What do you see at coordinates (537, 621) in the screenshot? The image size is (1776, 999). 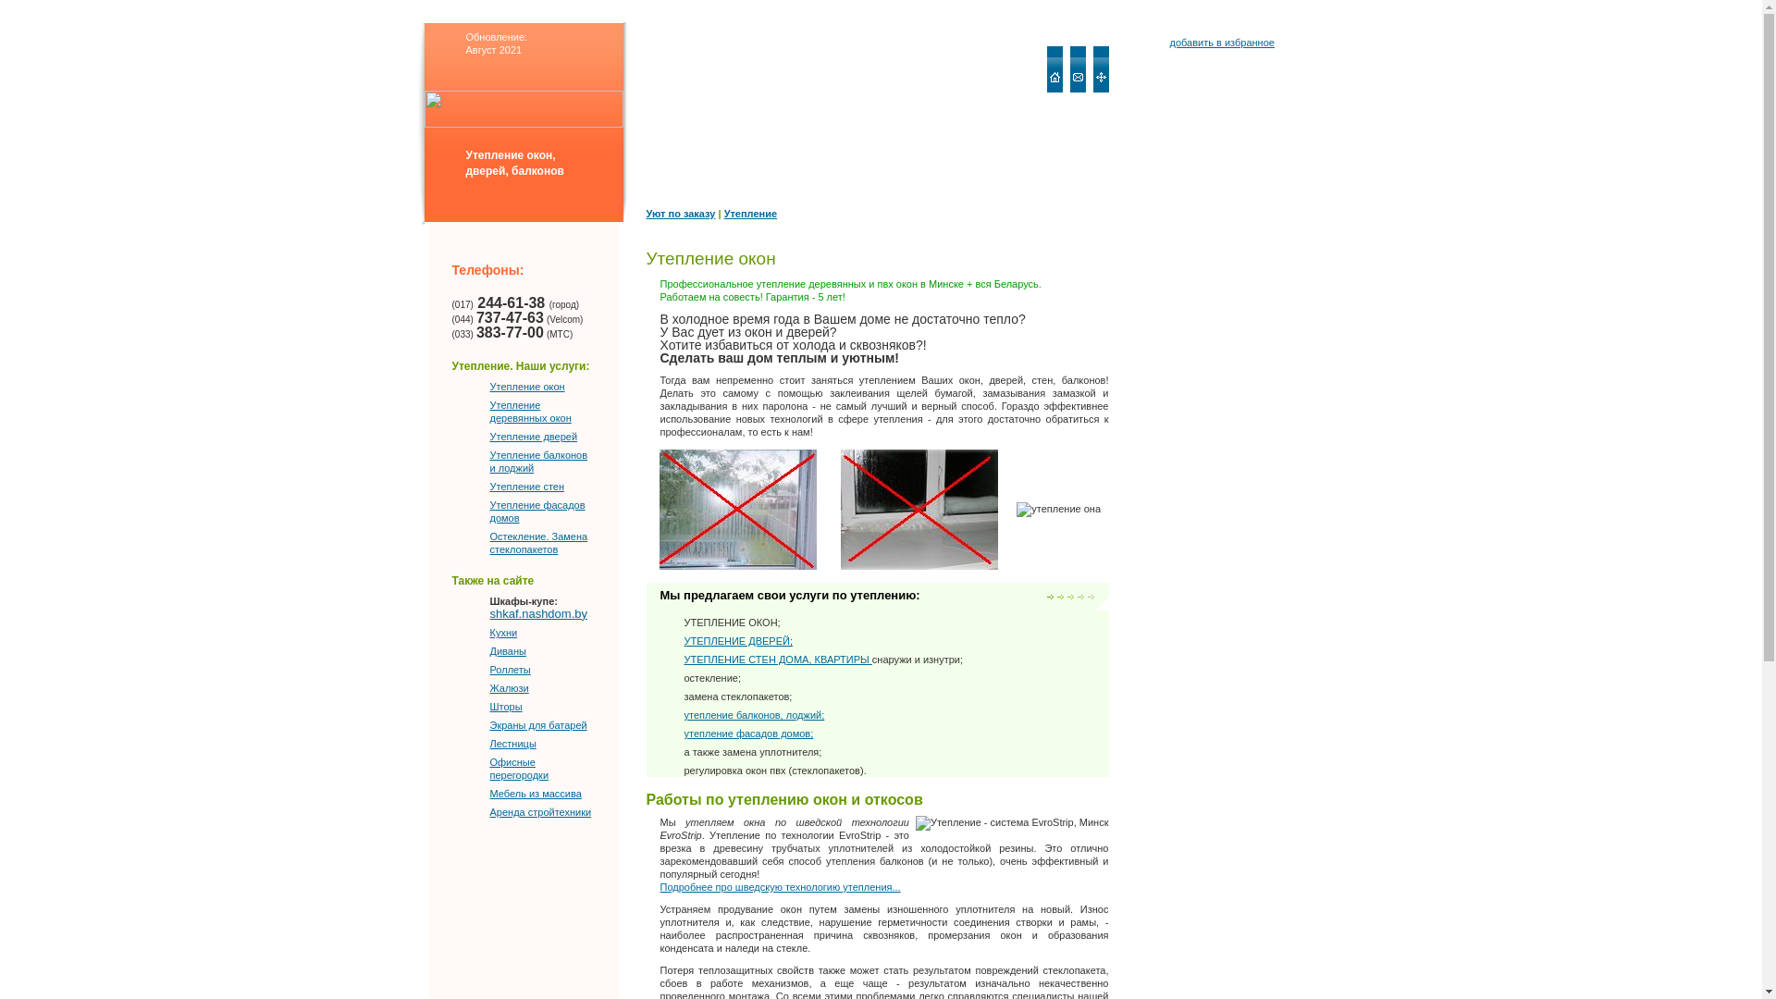 I see `'shkaf.nashdom.by'` at bounding box center [537, 621].